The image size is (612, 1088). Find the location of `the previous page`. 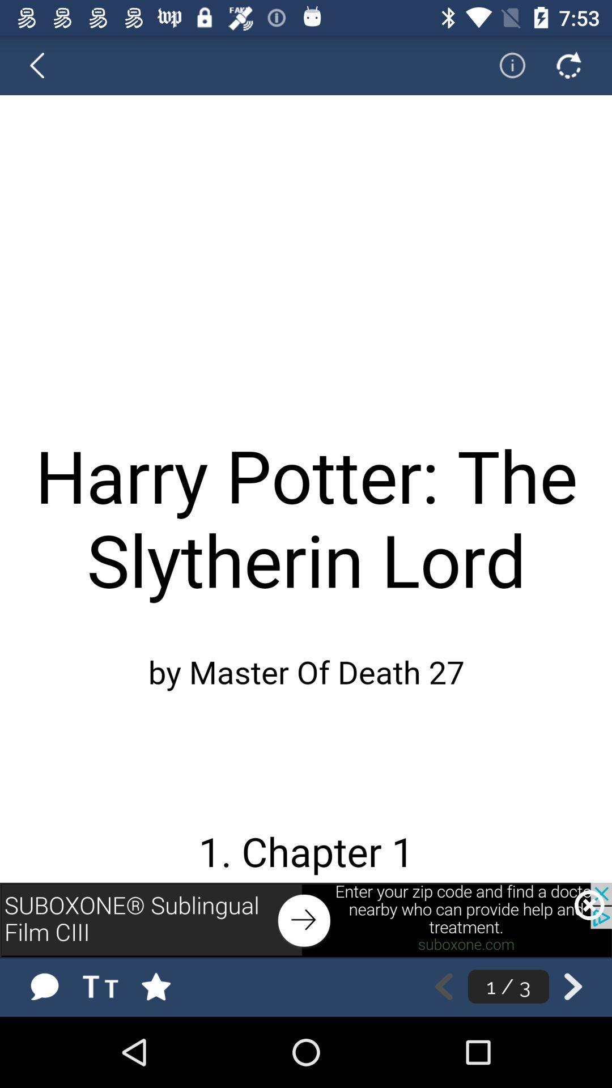

the previous page is located at coordinates (443, 986).